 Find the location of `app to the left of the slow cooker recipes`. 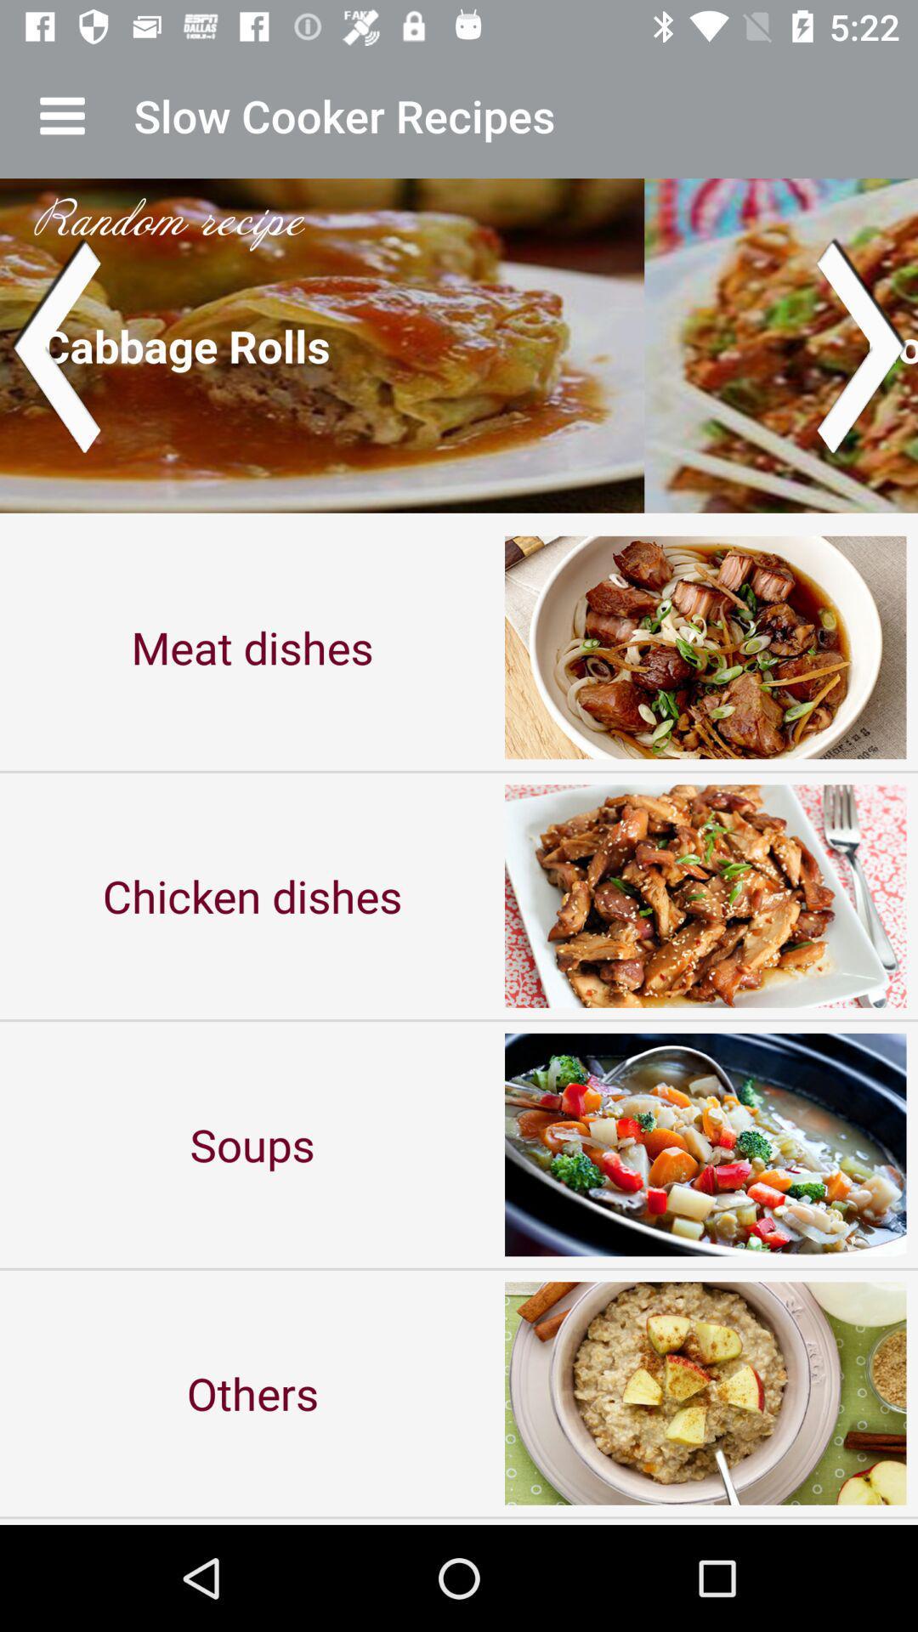

app to the left of the slow cooker recipes is located at coordinates (61, 115).